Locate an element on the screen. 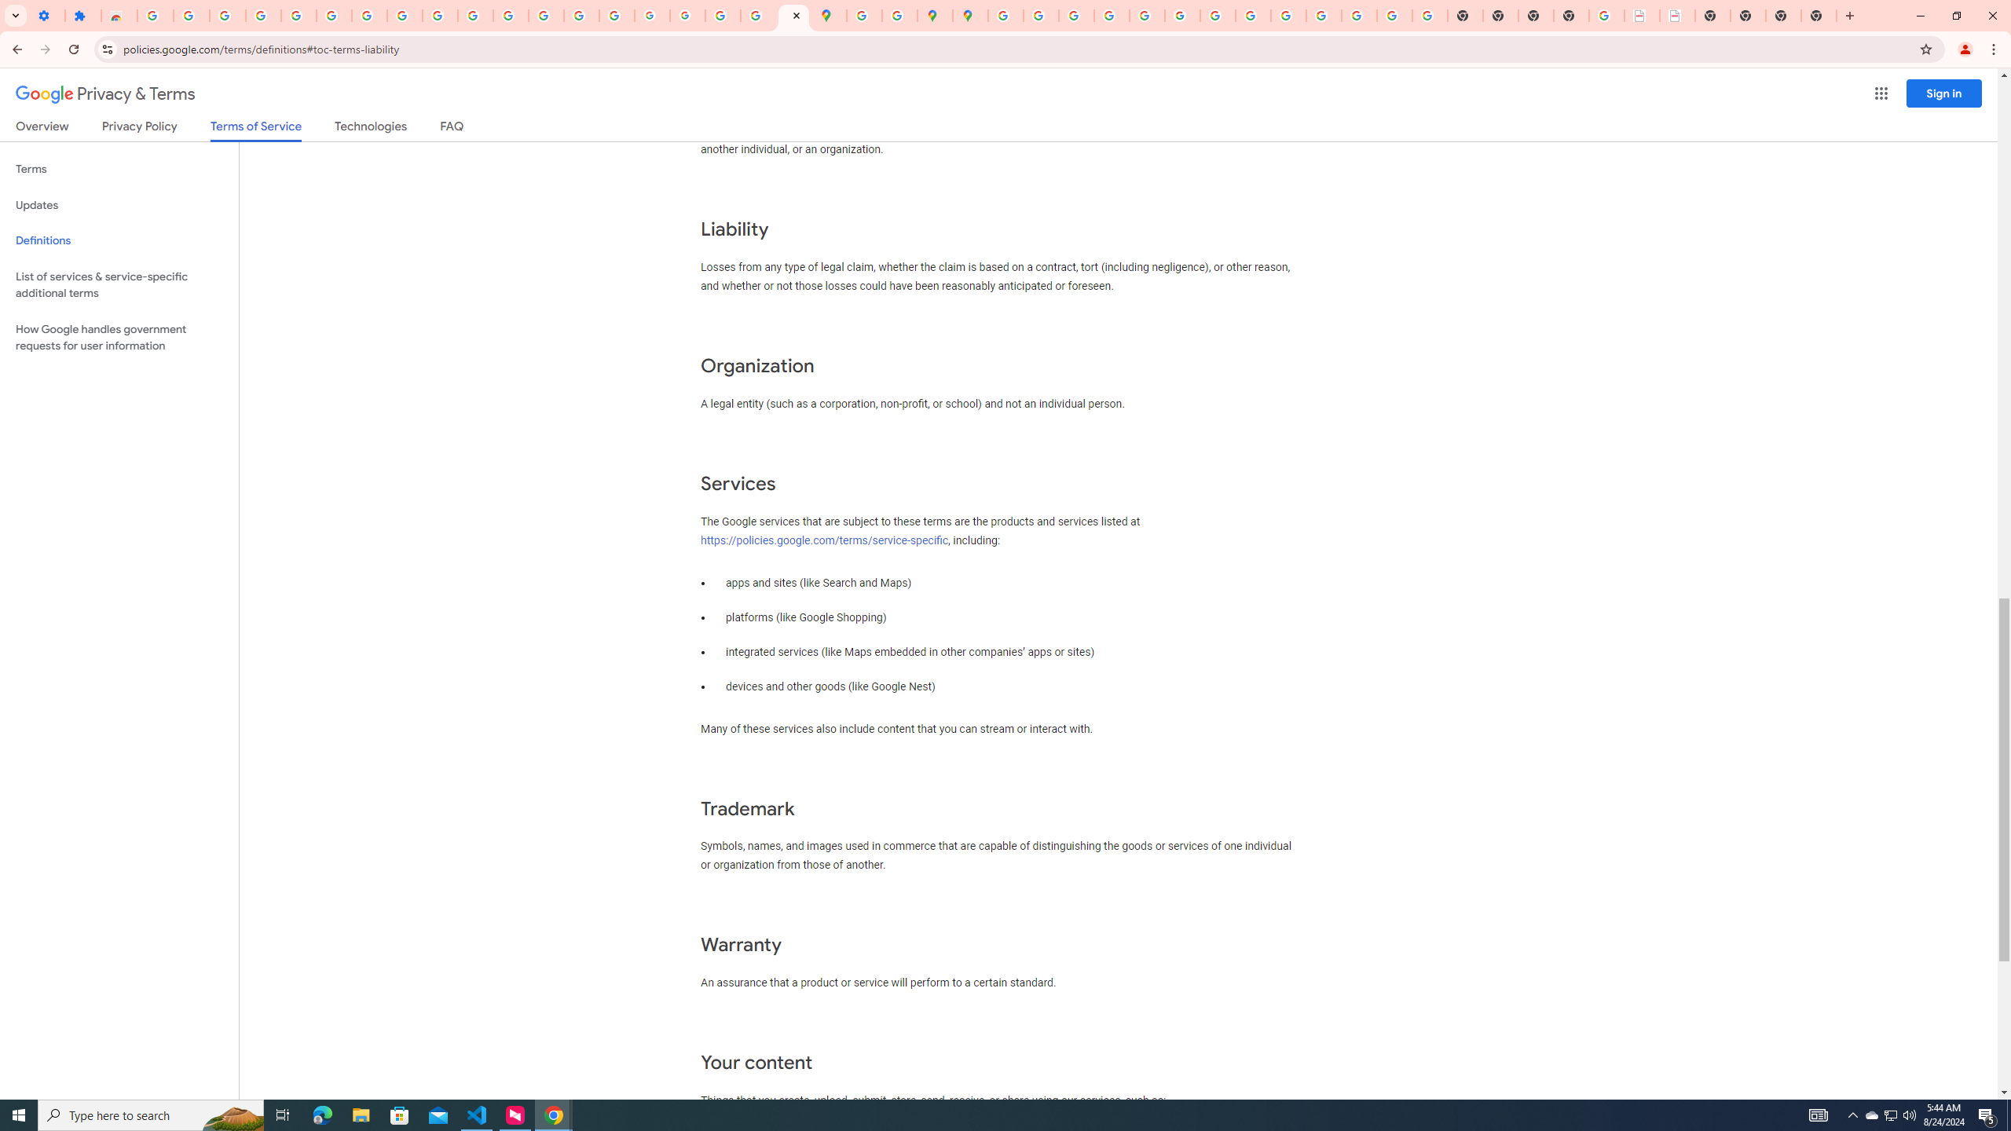 Image resolution: width=2011 pixels, height=1131 pixels. 'Privacy & Terms' is located at coordinates (105, 93).